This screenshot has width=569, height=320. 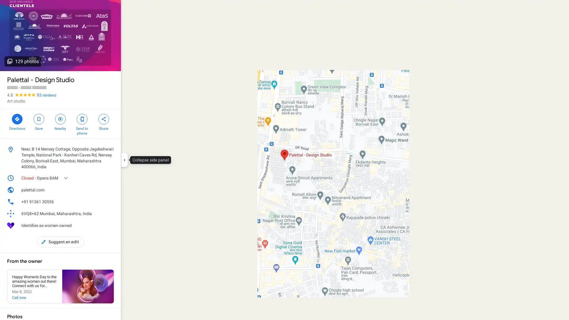 What do you see at coordinates (111, 214) in the screenshot?
I see `Learn more about plus codes` at bounding box center [111, 214].